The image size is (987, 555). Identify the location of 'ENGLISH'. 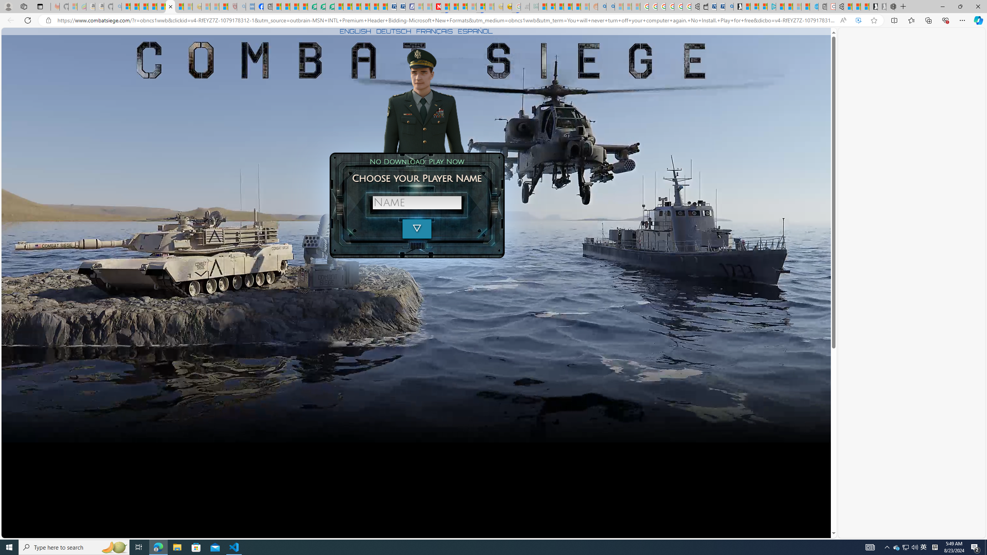
(355, 31).